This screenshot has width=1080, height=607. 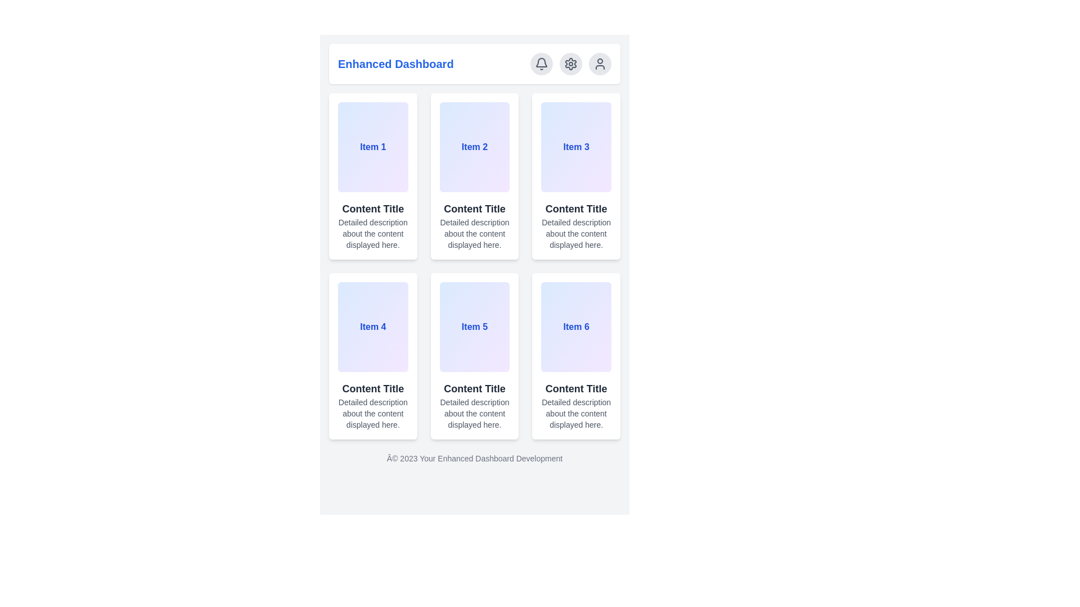 What do you see at coordinates (599, 64) in the screenshot?
I see `the user profile button located in the top-right corner of the interface` at bounding box center [599, 64].